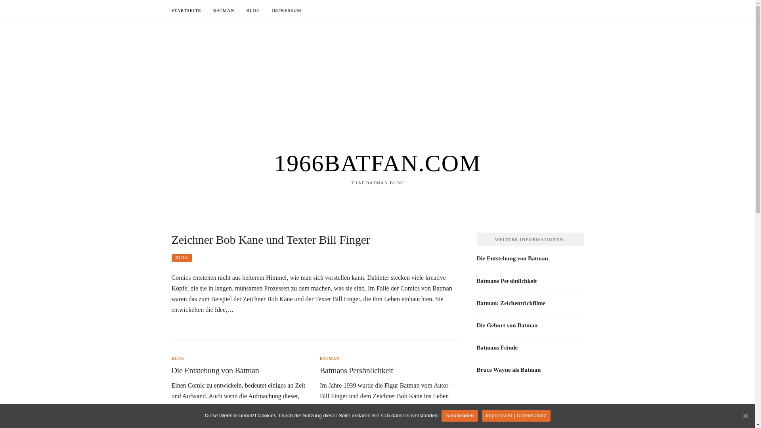 The height and width of the screenshot is (428, 761). Describe the element at coordinates (185, 10) in the screenshot. I see `'STARTSEITE'` at that location.